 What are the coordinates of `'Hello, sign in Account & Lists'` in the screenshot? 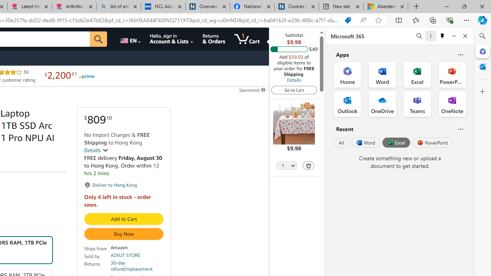 It's located at (171, 39).